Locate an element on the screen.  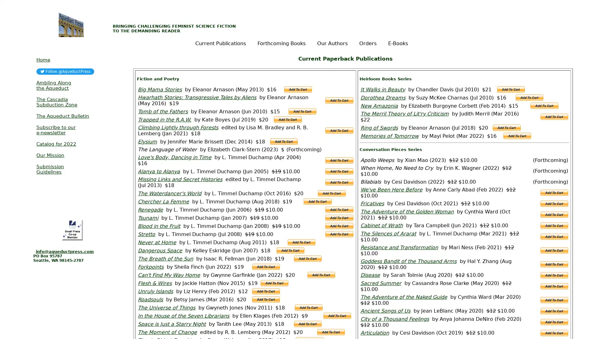
Make payments with PayPal - it\'s fast, free and secure! is located at coordinates (339, 209).